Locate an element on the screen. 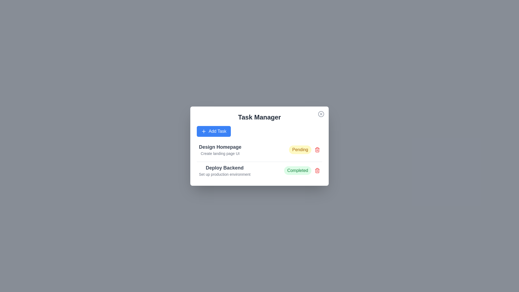 The width and height of the screenshot is (519, 292). the Status Label badge labeled 'Completed' which has a light green background and is positioned next to the 'Deploy Backend' task row in the 'Task Manager' modal is located at coordinates (297, 170).